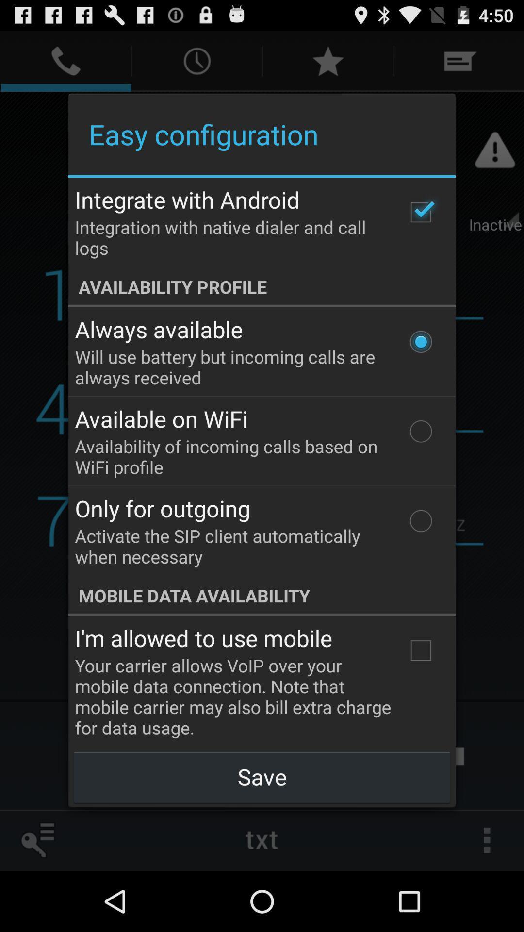  What do you see at coordinates (420, 650) in the screenshot?
I see `icon at the bottom right corner` at bounding box center [420, 650].